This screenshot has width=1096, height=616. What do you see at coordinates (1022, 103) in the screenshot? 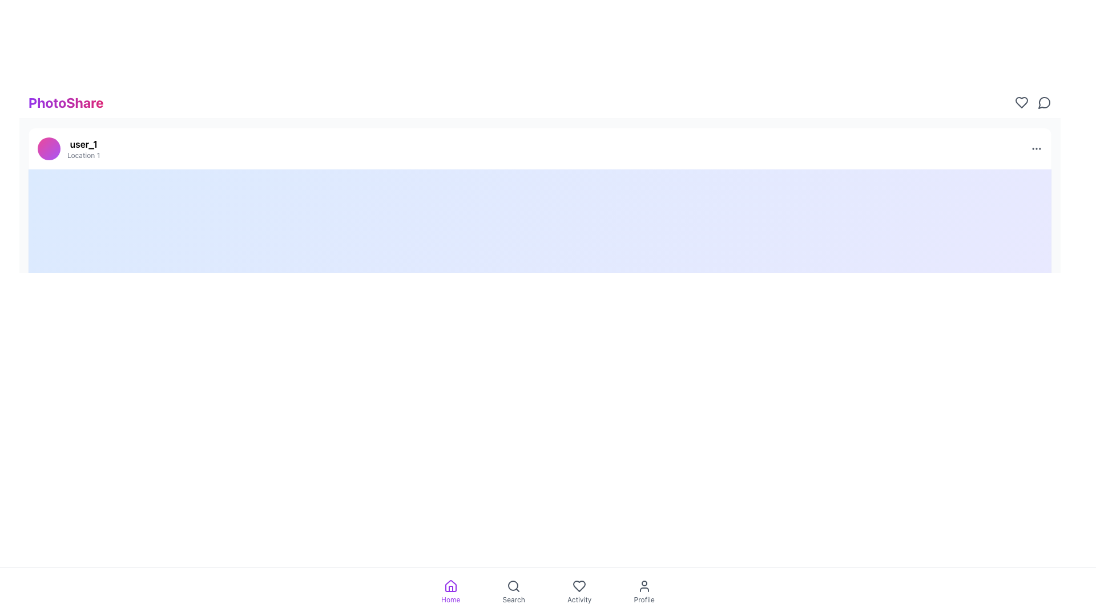
I see `the heart-shaped icon with a gray outline located at the top-right corner of the interface` at bounding box center [1022, 103].